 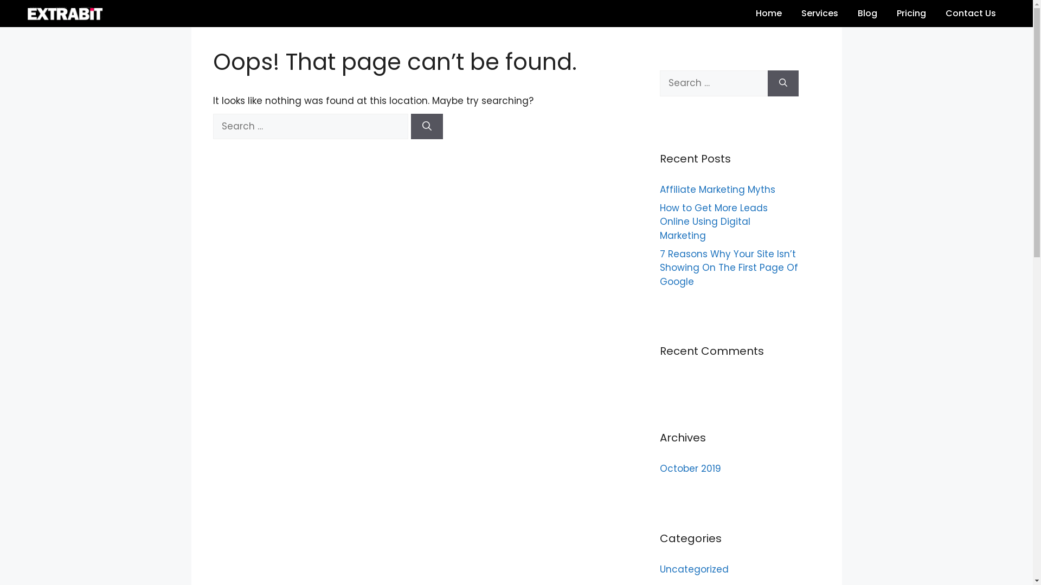 I want to click on 'Affiliate Marketing Myths ', so click(x=718, y=189).